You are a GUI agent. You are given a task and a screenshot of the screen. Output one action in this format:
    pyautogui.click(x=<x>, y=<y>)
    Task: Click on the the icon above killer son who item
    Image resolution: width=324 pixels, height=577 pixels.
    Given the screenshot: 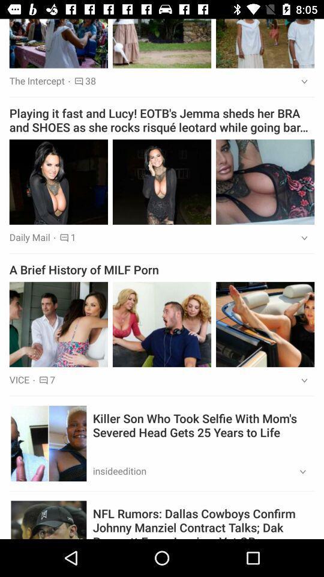 What is the action you would take?
    pyautogui.click(x=300, y=380)
    